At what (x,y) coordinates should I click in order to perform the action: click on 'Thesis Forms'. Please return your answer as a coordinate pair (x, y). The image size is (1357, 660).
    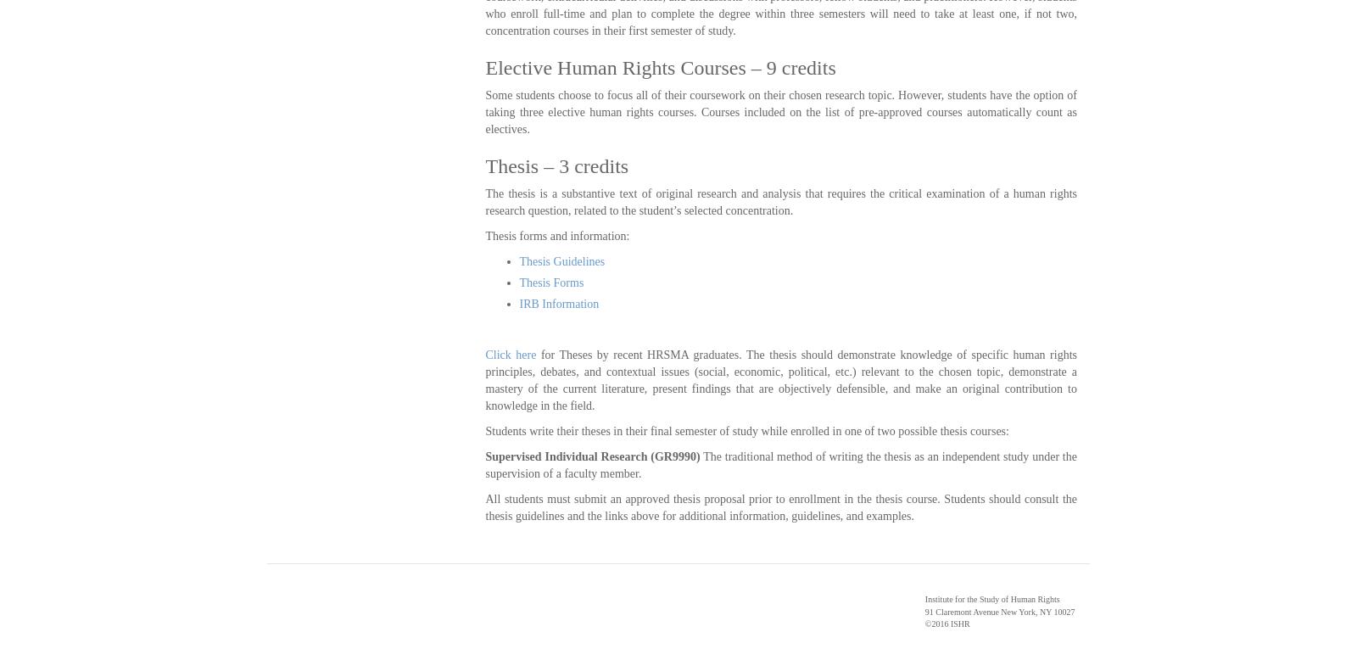
    Looking at the image, I should click on (550, 282).